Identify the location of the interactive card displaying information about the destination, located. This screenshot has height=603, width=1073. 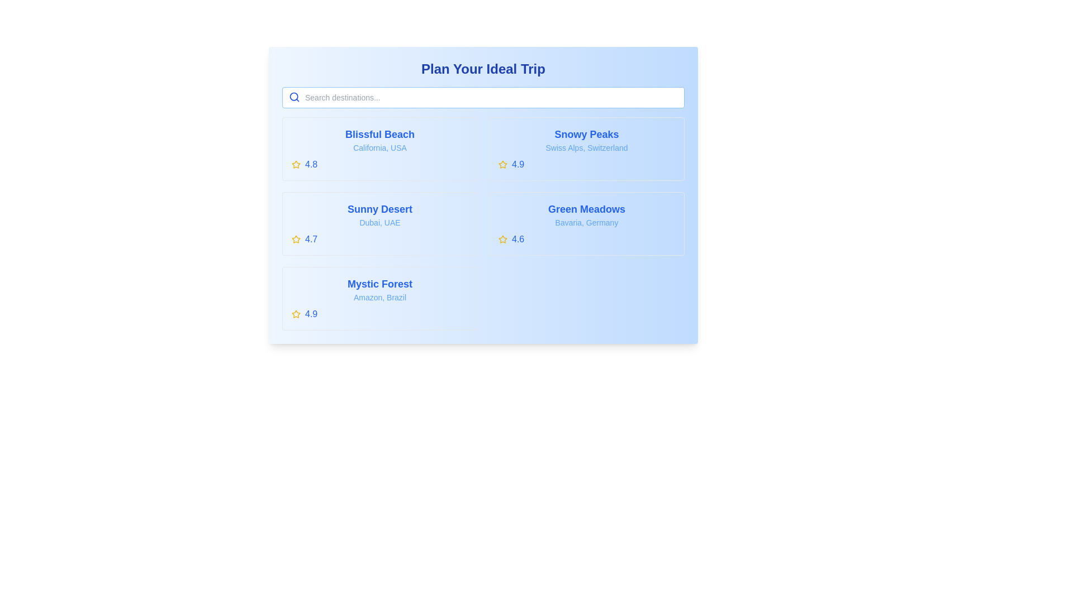
(380, 298).